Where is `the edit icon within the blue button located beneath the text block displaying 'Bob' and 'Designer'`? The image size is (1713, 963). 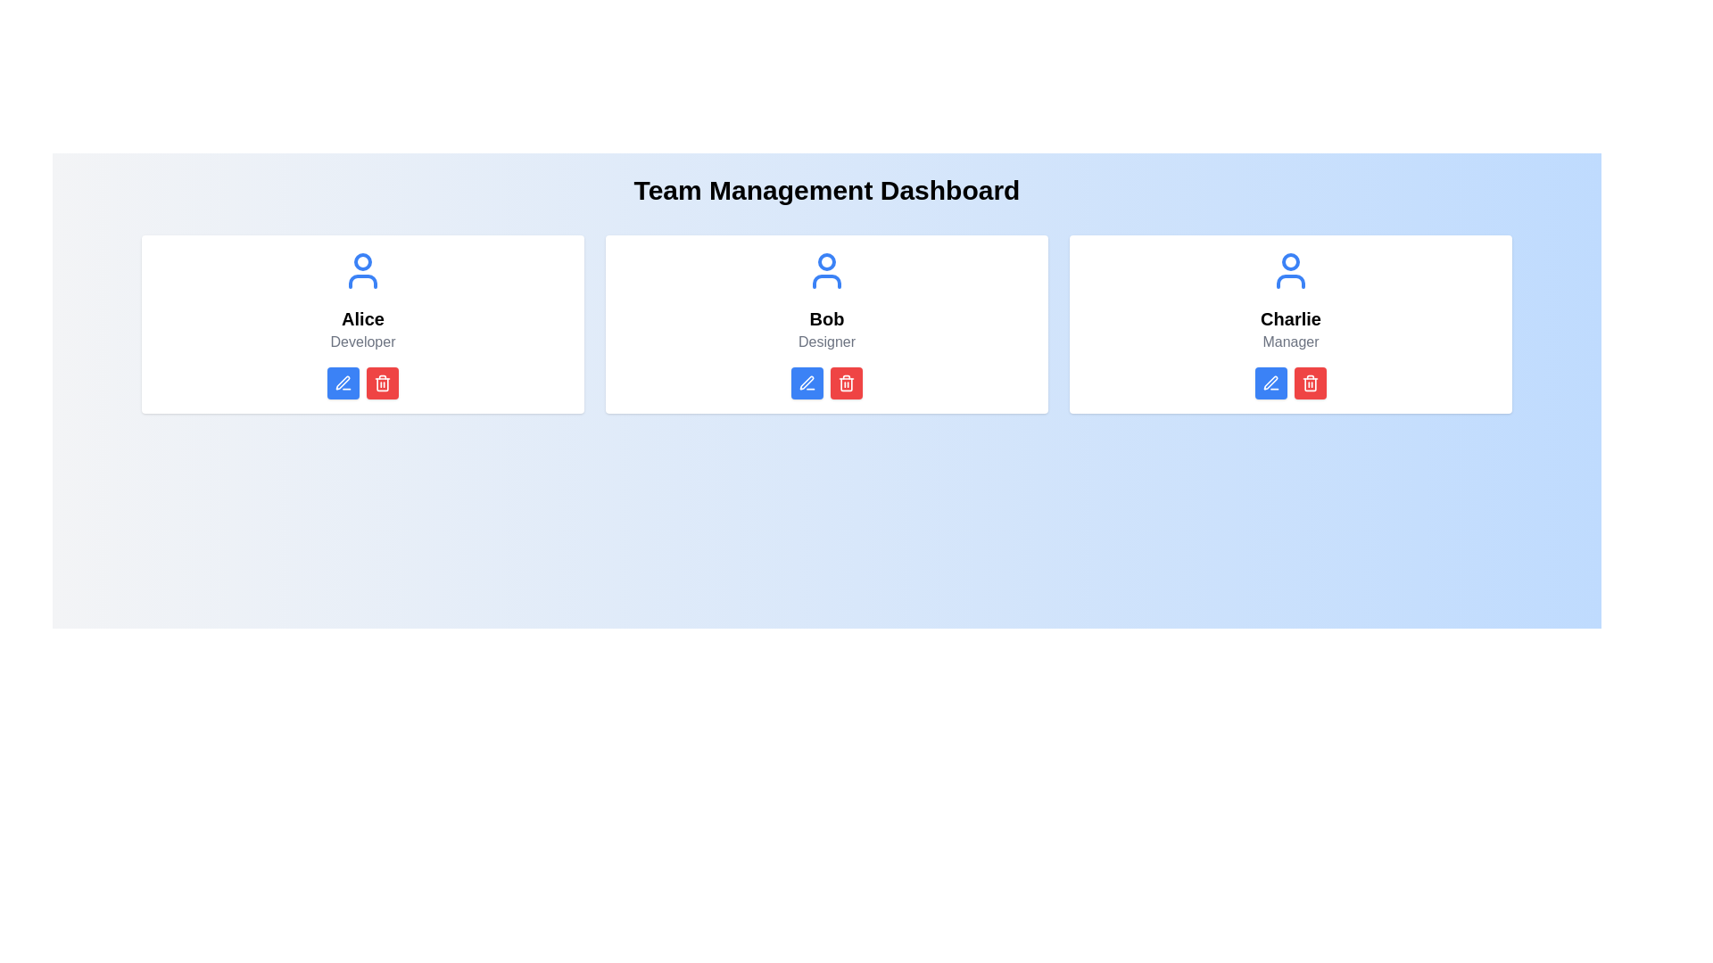
the edit icon within the blue button located beneath the text block displaying 'Bob' and 'Designer' is located at coordinates (807, 382).